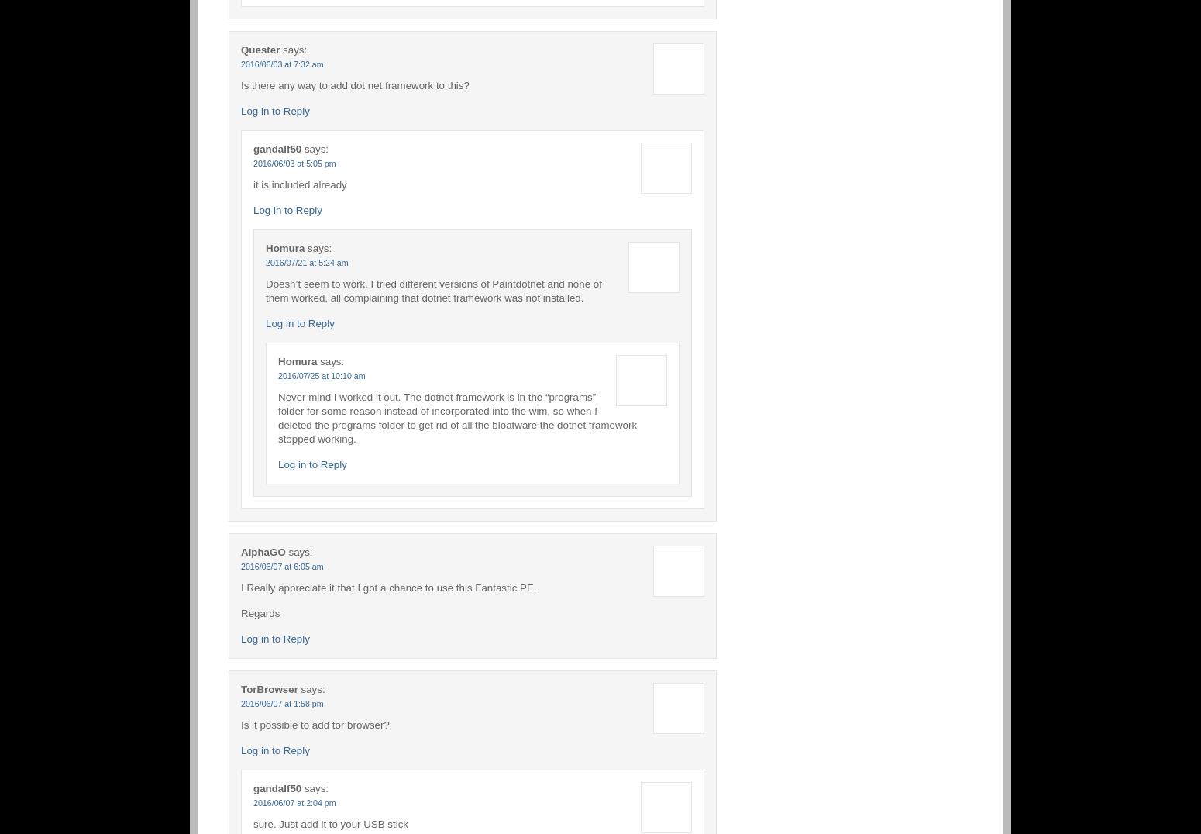  I want to click on '2016/06/03 at 5:05 pm', so click(294, 162).